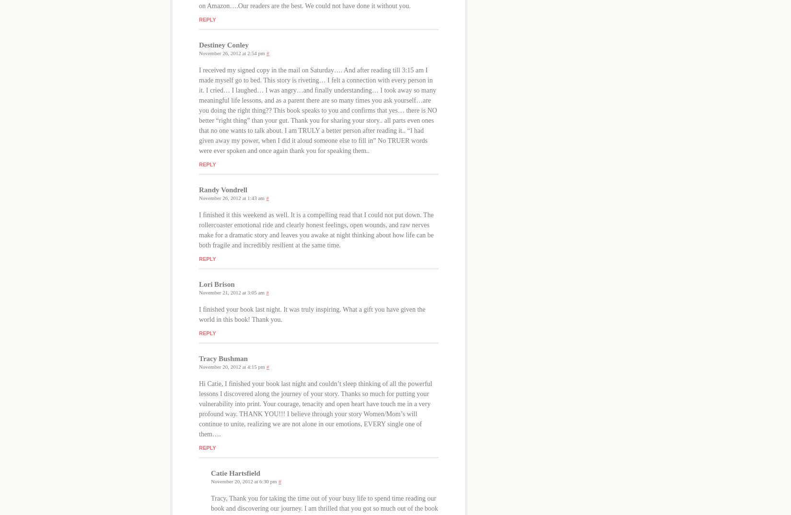 The image size is (791, 515). Describe the element at coordinates (198, 358) in the screenshot. I see `'Tracy Bushman'` at that location.